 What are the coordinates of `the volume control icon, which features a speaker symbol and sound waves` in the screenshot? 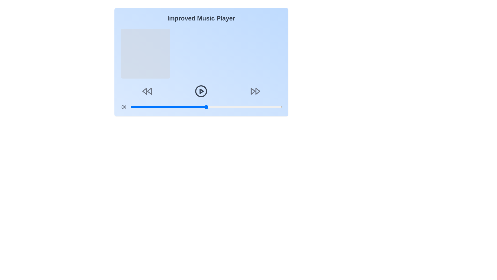 It's located at (123, 107).